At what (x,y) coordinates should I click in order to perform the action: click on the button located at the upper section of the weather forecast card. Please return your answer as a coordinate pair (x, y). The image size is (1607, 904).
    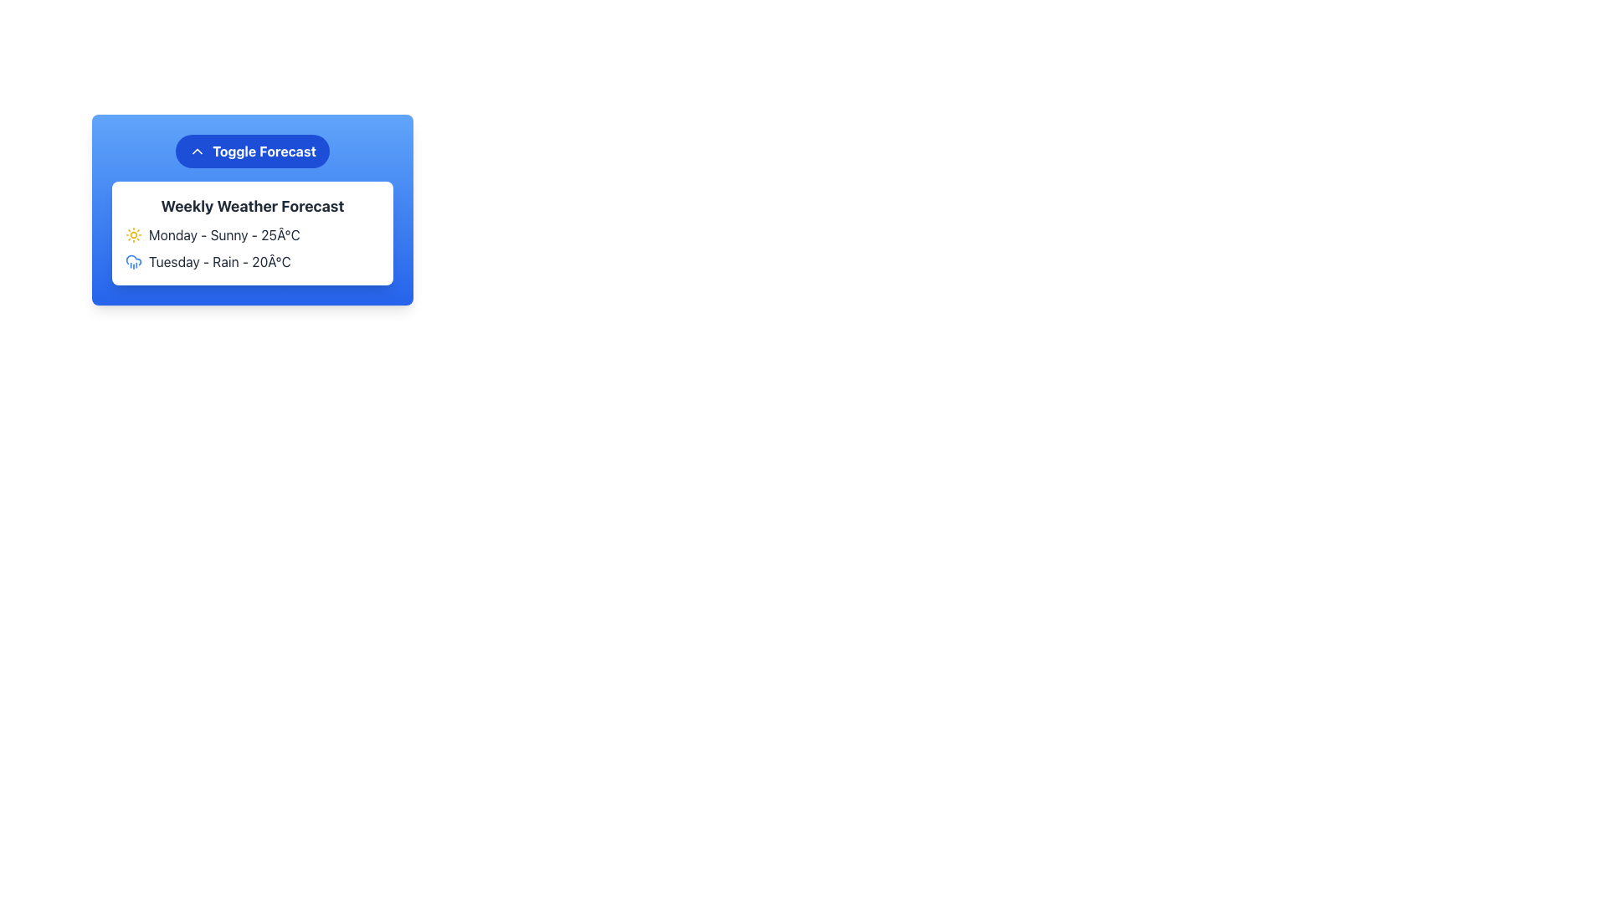
    Looking at the image, I should click on (252, 152).